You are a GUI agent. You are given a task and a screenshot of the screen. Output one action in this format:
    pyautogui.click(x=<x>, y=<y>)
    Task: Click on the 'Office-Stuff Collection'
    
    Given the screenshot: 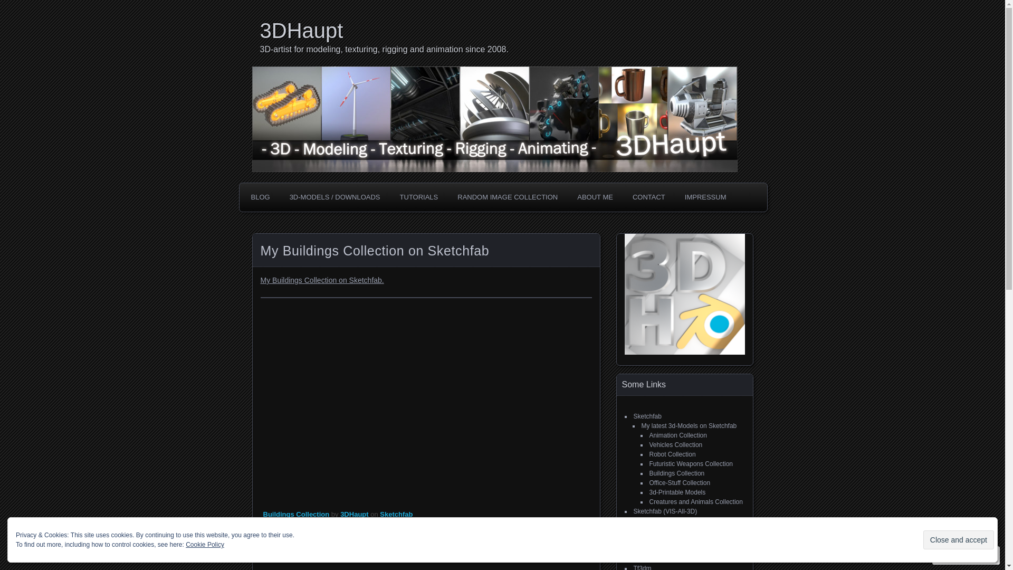 What is the action you would take?
    pyautogui.click(x=679, y=482)
    